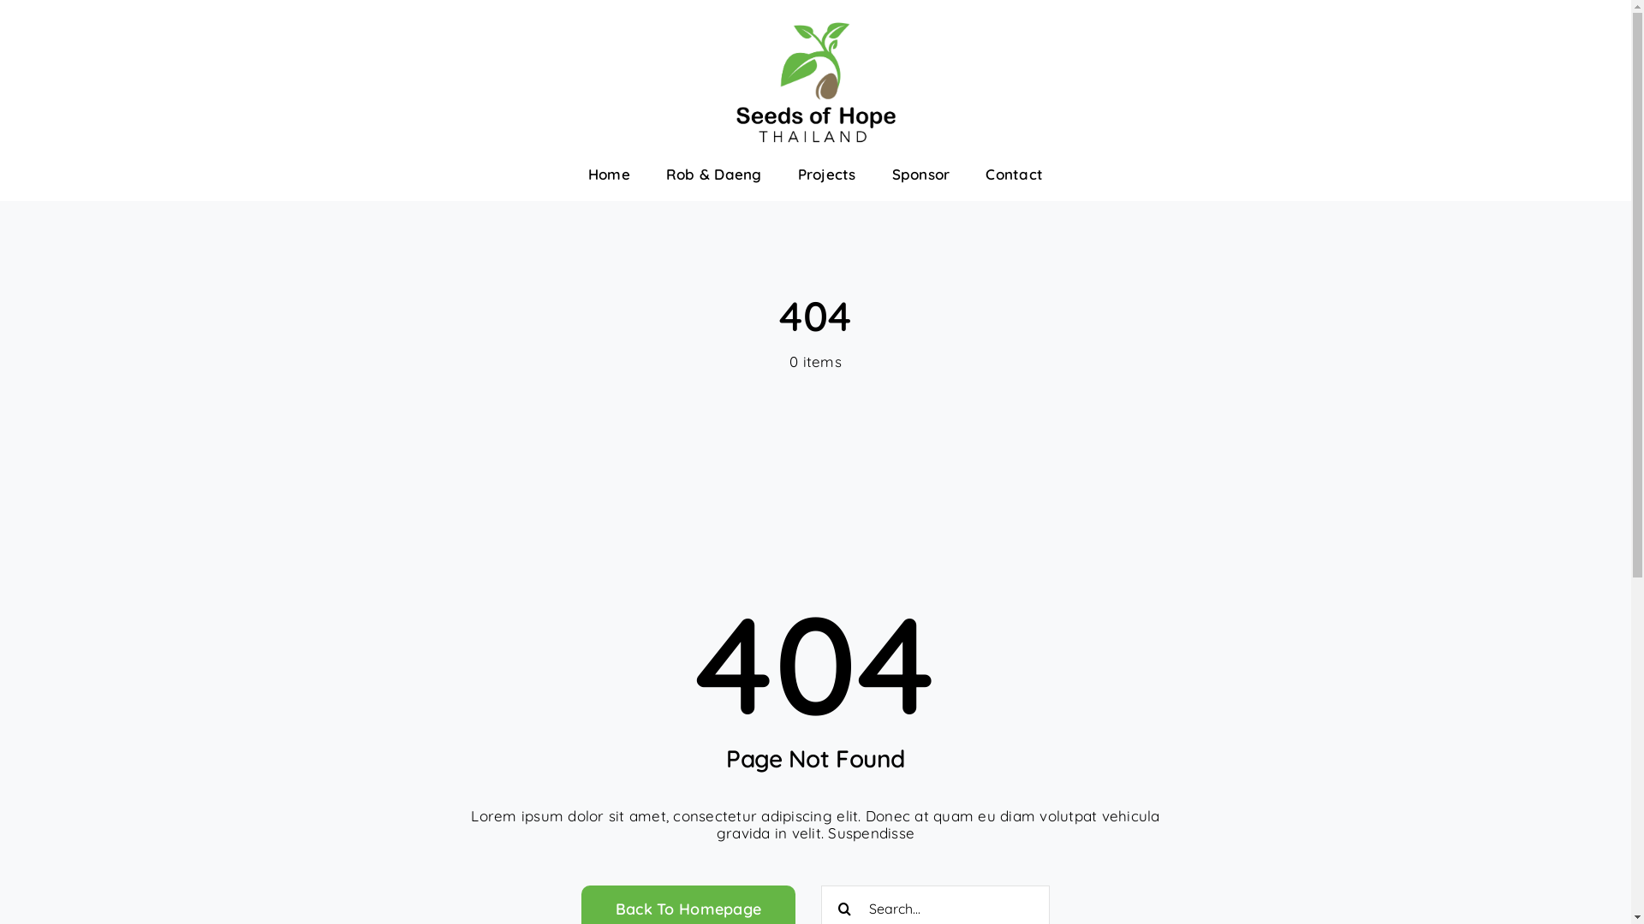 The image size is (1644, 924). What do you see at coordinates (826, 175) in the screenshot?
I see `'Projects'` at bounding box center [826, 175].